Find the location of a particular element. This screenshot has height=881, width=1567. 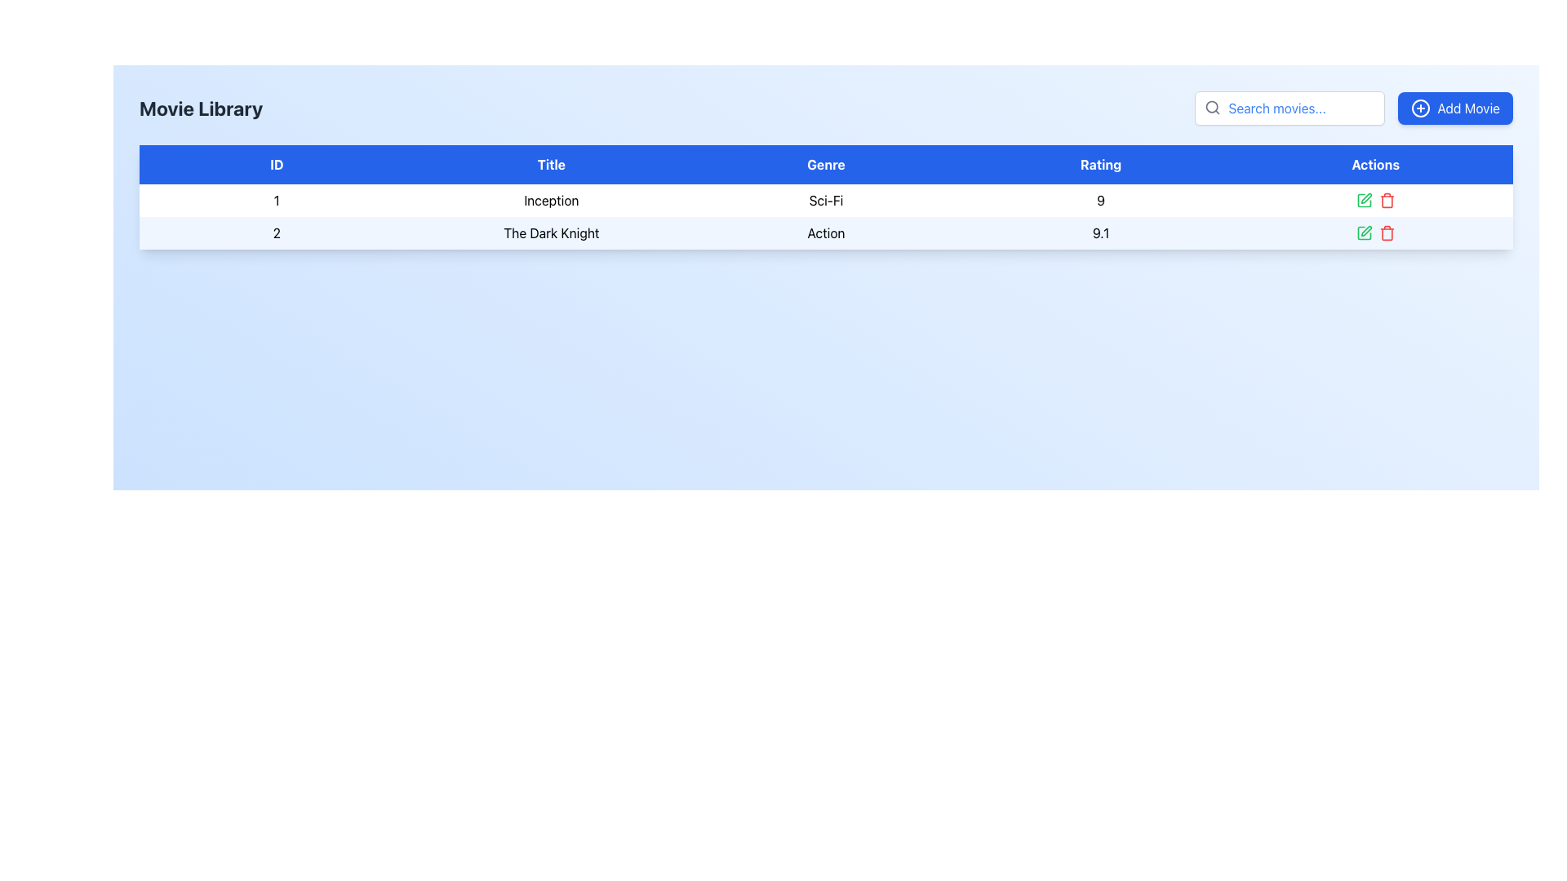

the static text label 'Actions' in the table header, which is styled with white font on a blue background and is the last column header in the row is located at coordinates (1374, 164).